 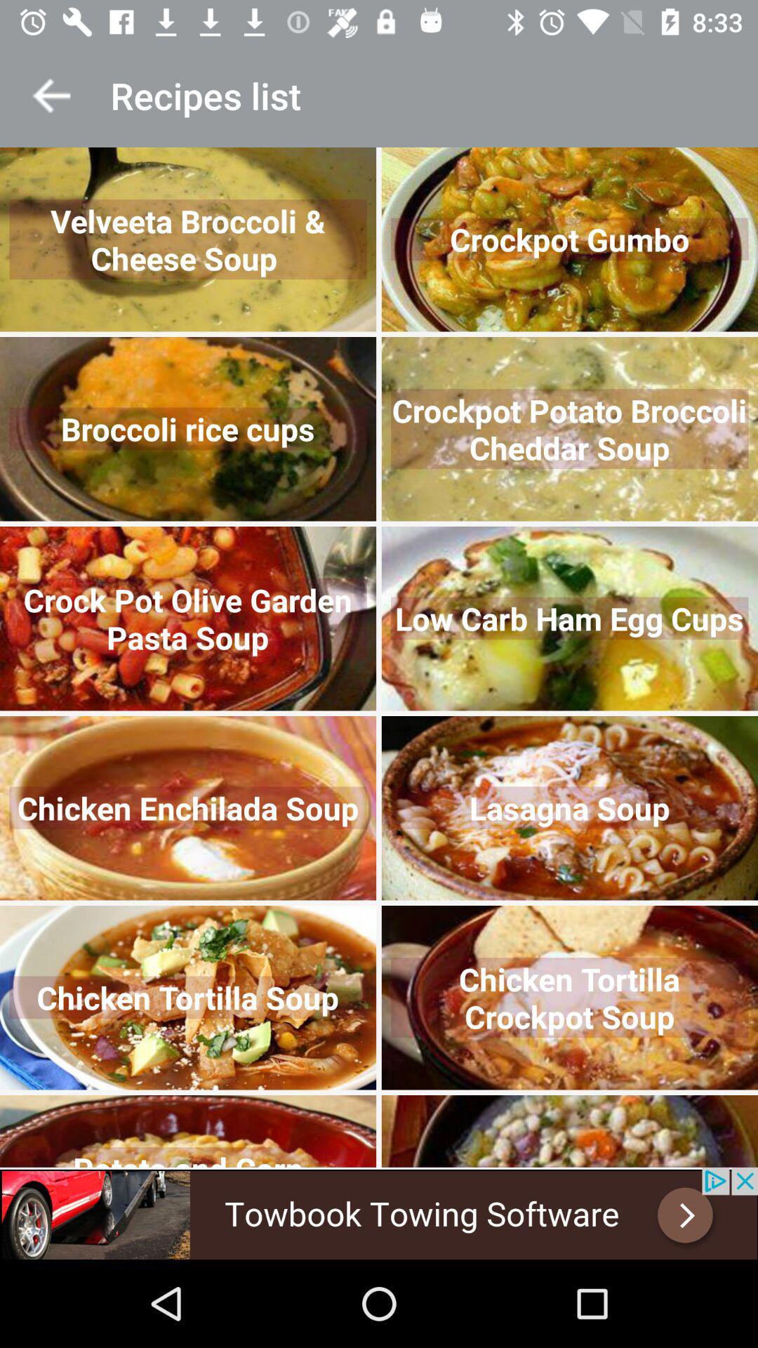 I want to click on aromark, so click(x=51, y=95).